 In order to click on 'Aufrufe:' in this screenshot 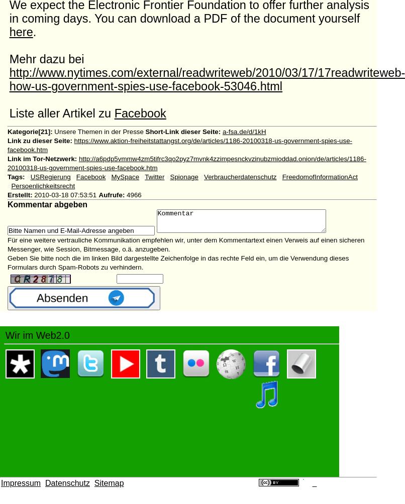, I will do `click(98, 194)`.